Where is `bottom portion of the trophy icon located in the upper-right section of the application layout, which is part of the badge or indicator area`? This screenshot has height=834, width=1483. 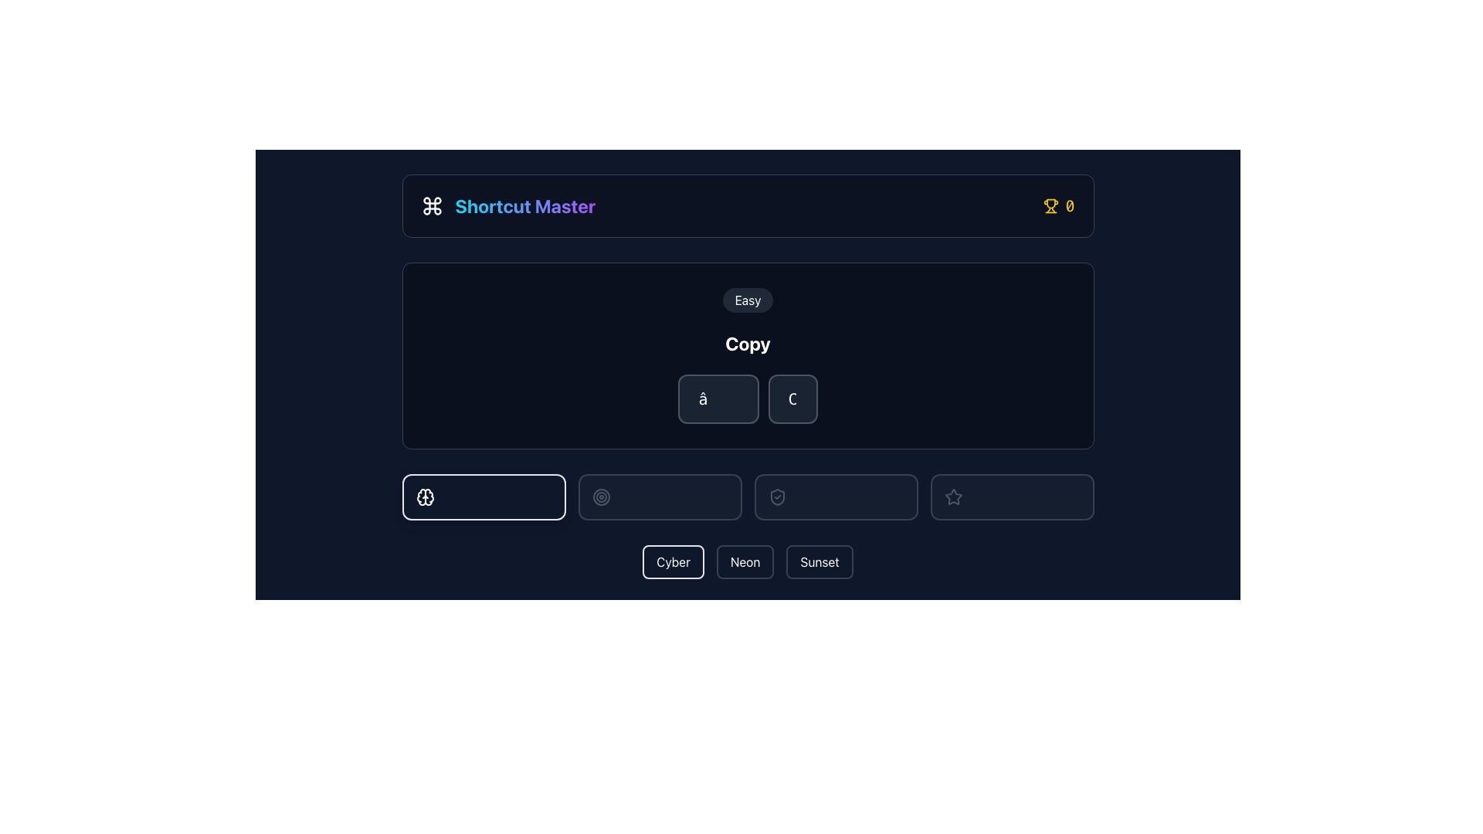 bottom portion of the trophy icon located in the upper-right section of the application layout, which is part of the badge or indicator area is located at coordinates (1050, 203).